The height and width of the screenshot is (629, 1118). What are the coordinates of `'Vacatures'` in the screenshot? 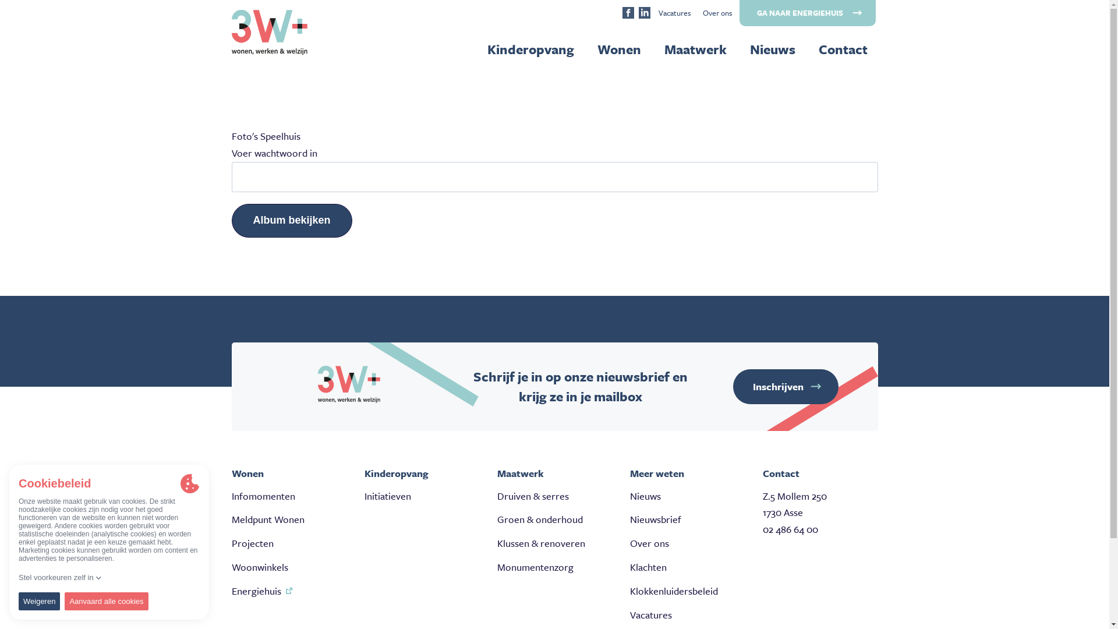 It's located at (674, 13).